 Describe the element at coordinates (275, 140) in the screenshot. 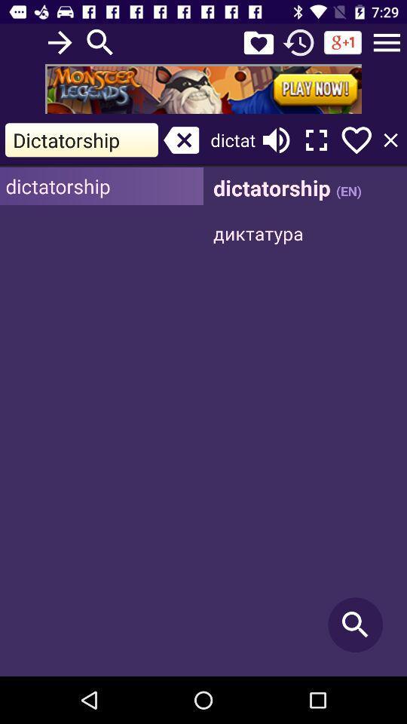

I see `the volume button` at that location.